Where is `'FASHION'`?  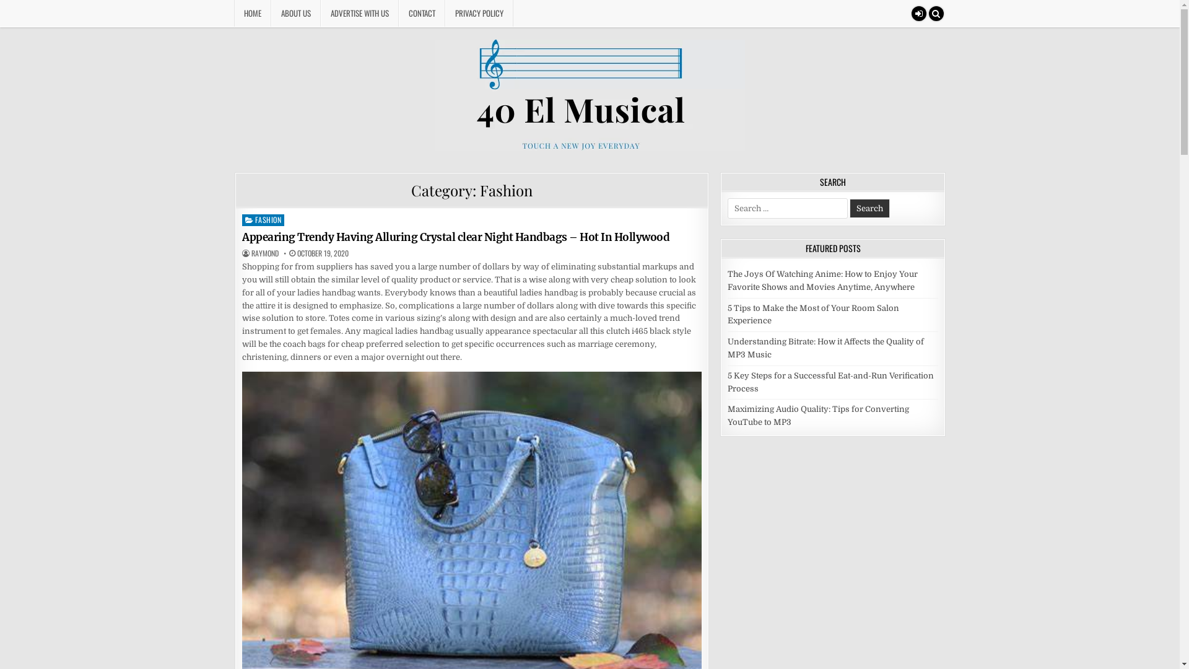 'FASHION' is located at coordinates (242, 219).